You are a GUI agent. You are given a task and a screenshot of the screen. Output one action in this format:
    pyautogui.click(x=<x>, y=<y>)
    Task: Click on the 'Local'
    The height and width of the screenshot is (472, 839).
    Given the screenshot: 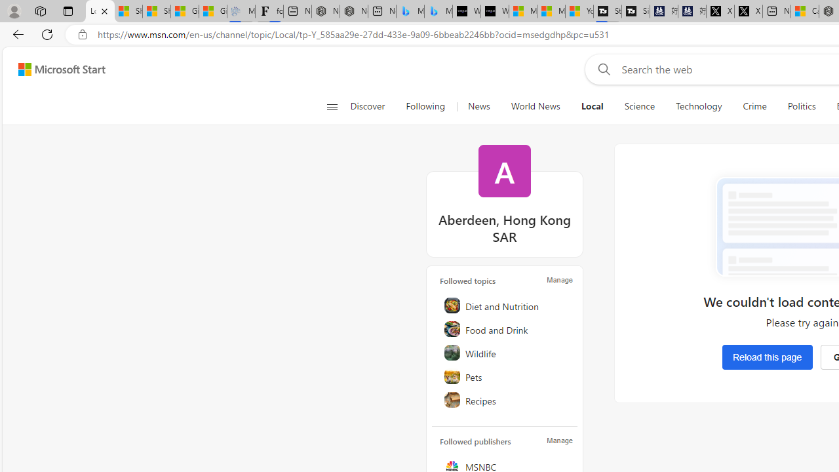 What is the action you would take?
    pyautogui.click(x=591, y=106)
    